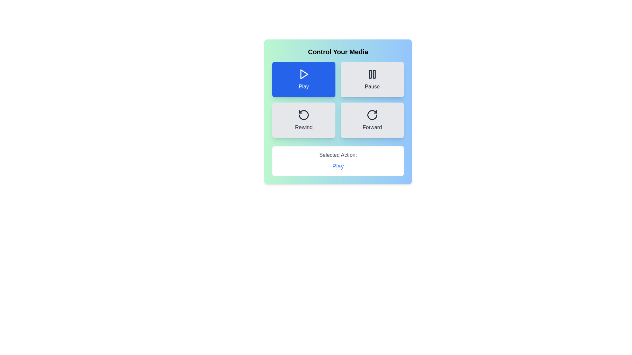 Image resolution: width=632 pixels, height=355 pixels. What do you see at coordinates (303, 79) in the screenshot?
I see `the Play button to select the corresponding action` at bounding box center [303, 79].